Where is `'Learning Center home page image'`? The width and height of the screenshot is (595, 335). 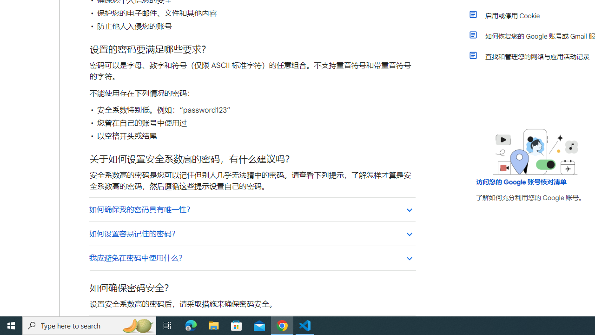 'Learning Center home page image' is located at coordinates (535, 151).